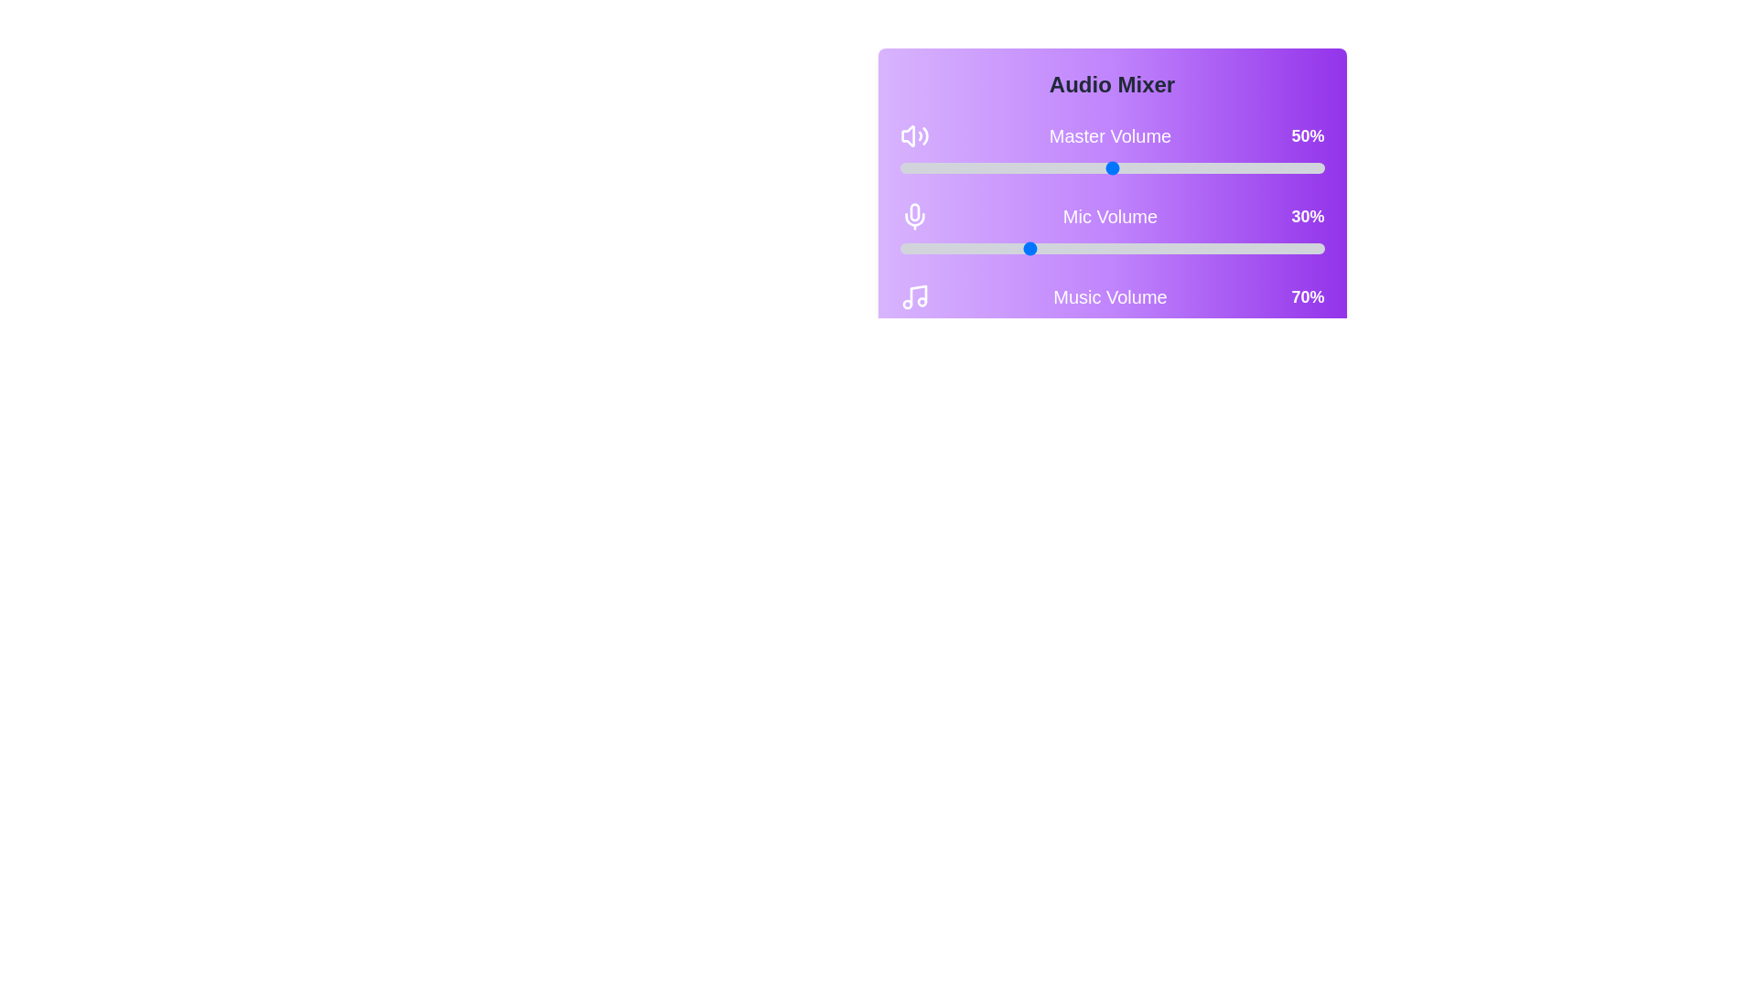 This screenshot has width=1757, height=988. Describe the element at coordinates (1201, 168) in the screenshot. I see `the Master Volume slider` at that location.